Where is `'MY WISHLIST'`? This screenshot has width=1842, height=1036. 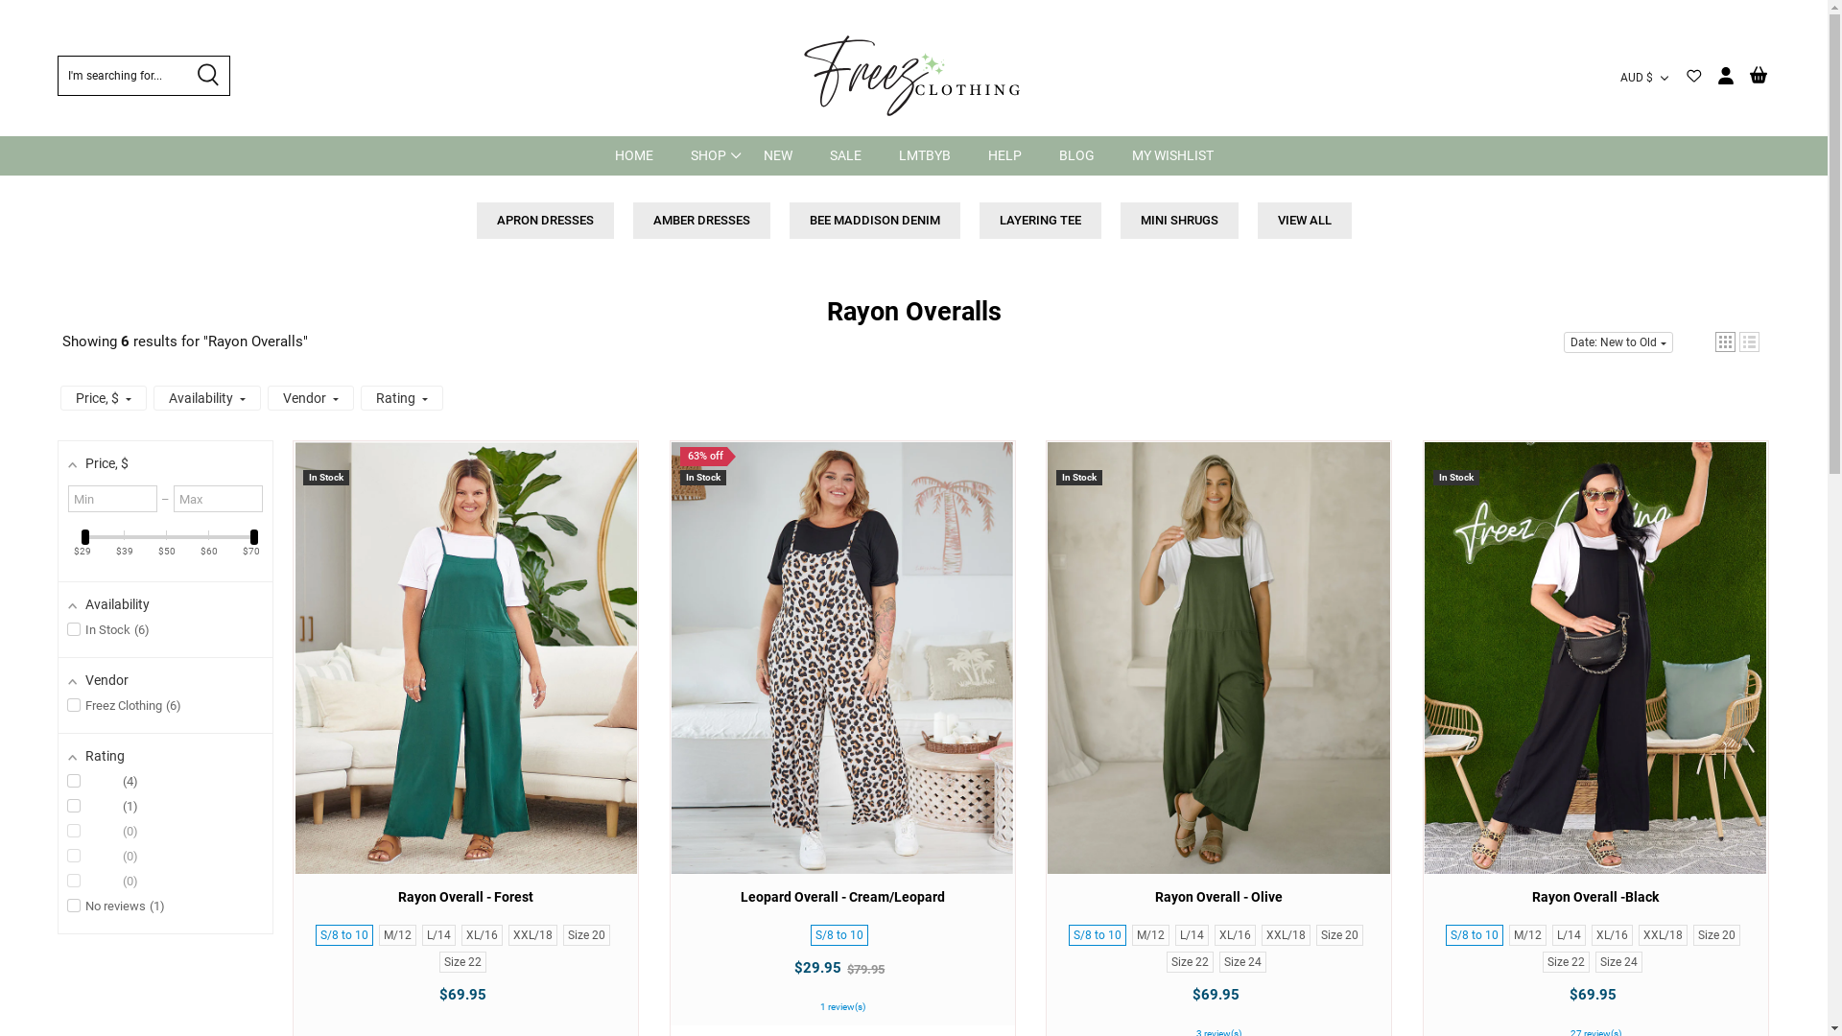
'MY WISHLIST' is located at coordinates (1171, 154).